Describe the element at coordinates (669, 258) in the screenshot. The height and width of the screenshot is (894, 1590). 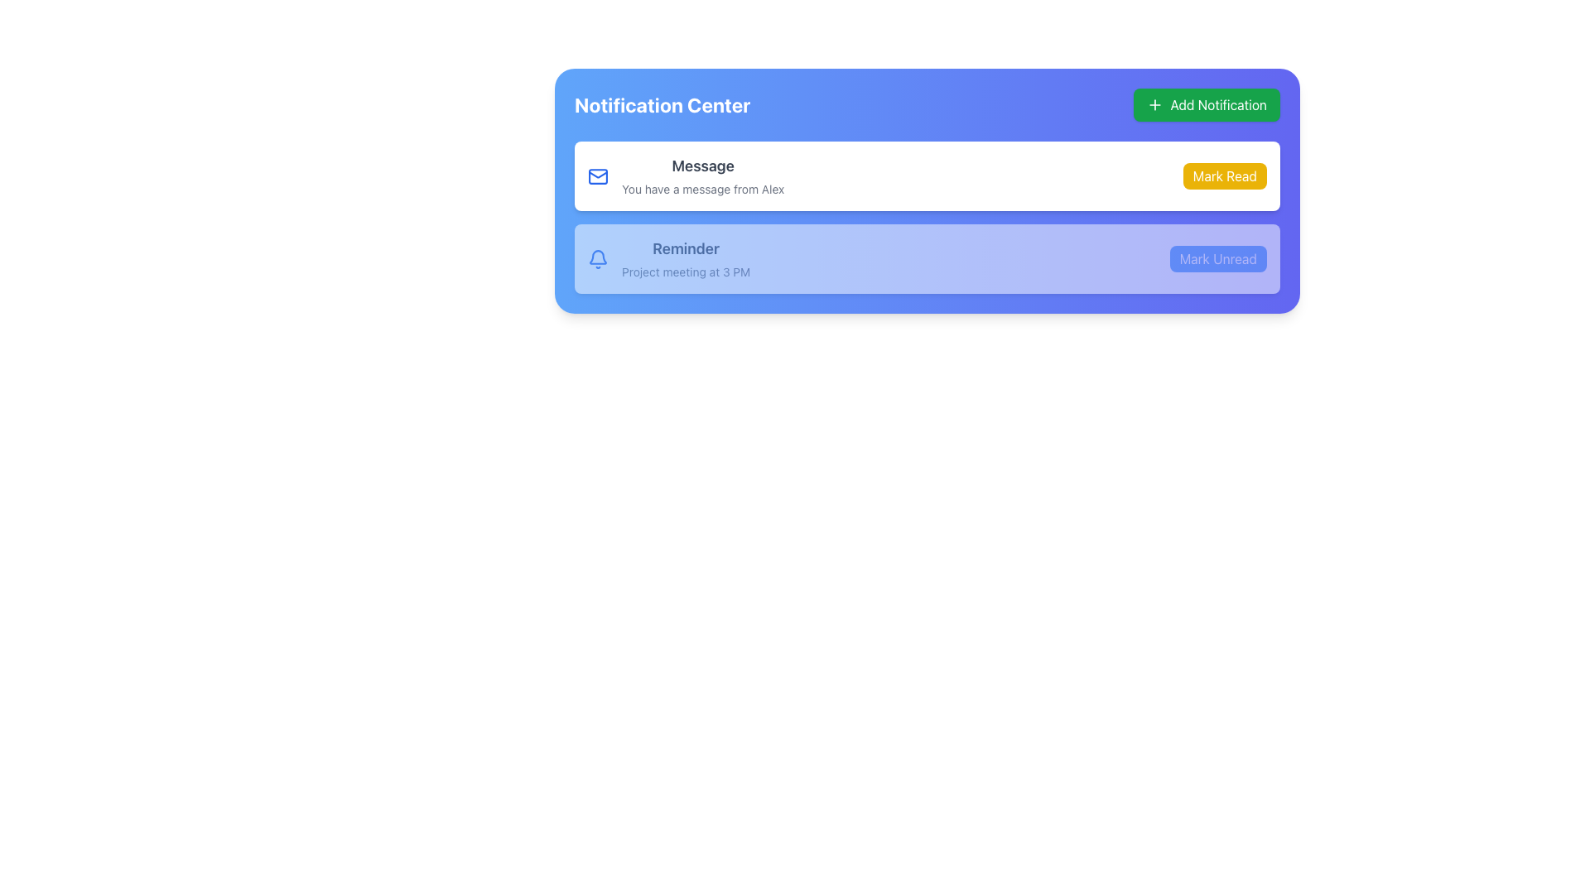
I see `the notification message reminding about the upcoming project meeting at 3 PM, located in the second row of the notification group, left of the 'Mark Unread' button` at that location.